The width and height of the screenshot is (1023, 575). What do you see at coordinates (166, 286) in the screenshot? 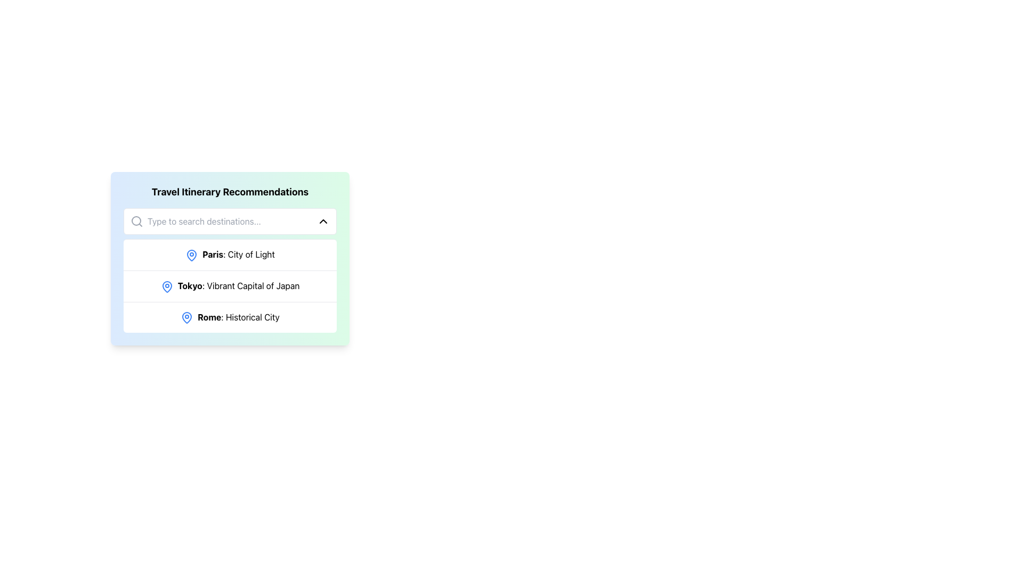
I see `the small blue geographical pin icon located next to the text 'Tokyo: Vibrant Capital of Japan' in the Travel Itinerary Recommendations list` at bounding box center [166, 286].